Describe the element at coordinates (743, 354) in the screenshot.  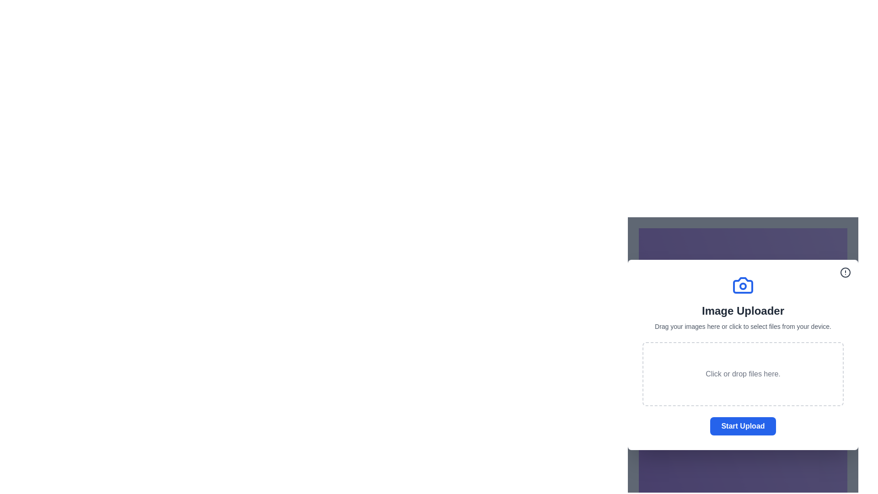
I see `and drop files into the dashed border area of the 'Image Uploader' modal content section, which is visually represented by a white rectangular box with rounded corners` at that location.